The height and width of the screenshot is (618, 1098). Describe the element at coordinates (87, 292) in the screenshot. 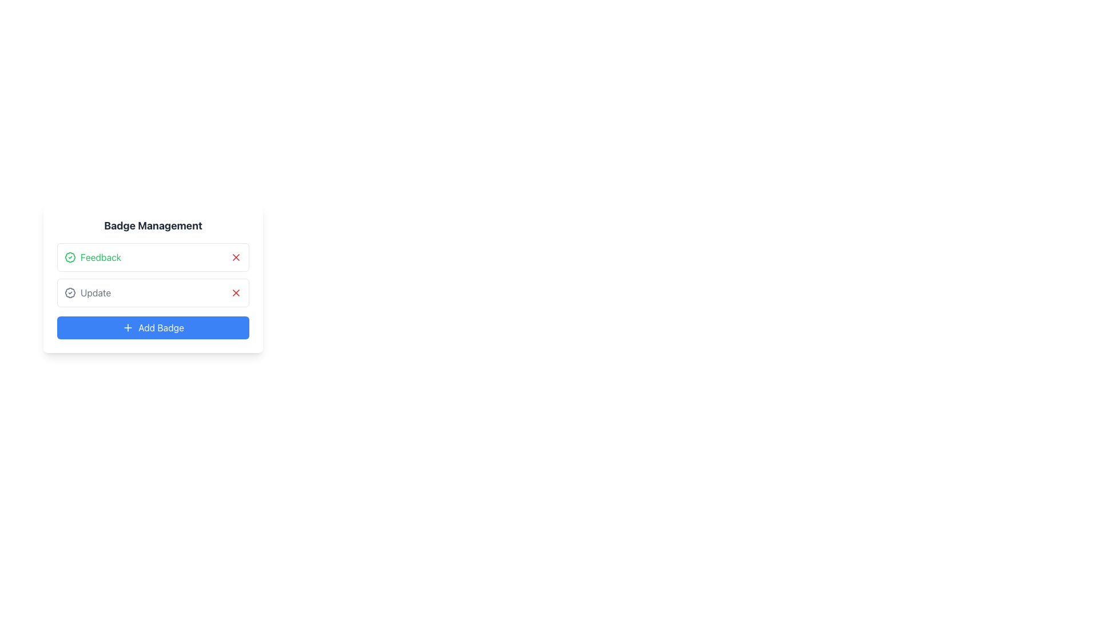

I see `the list item in the Badge Management card located in the second row of the vertical list` at that location.